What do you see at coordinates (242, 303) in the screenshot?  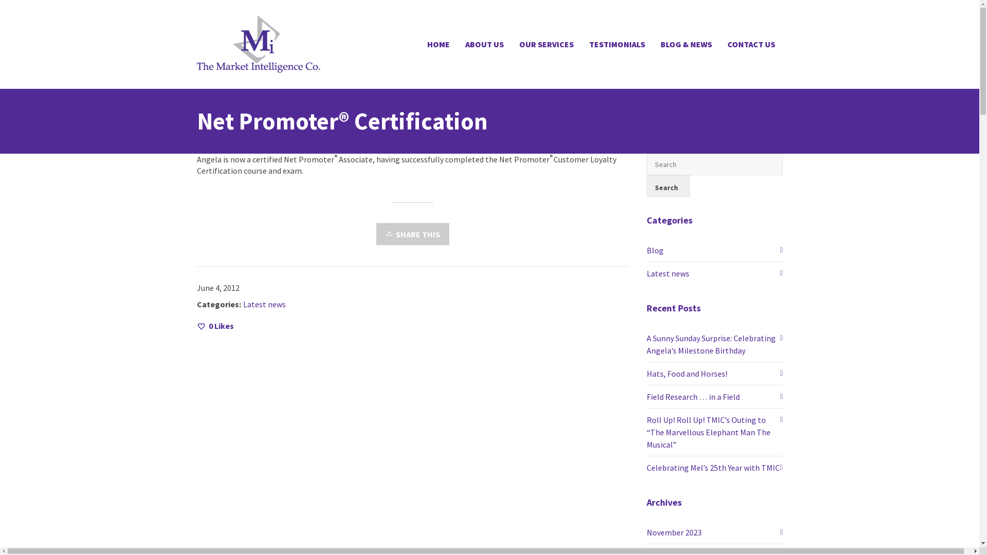 I see `'Latest news'` at bounding box center [242, 303].